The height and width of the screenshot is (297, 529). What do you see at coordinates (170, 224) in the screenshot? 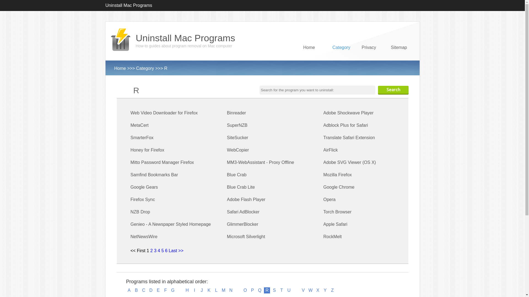
I see `'Genieo - A Newspaper Styled Homepage'` at bounding box center [170, 224].